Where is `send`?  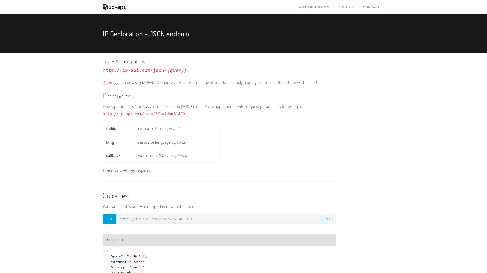
send is located at coordinates (326, 219).